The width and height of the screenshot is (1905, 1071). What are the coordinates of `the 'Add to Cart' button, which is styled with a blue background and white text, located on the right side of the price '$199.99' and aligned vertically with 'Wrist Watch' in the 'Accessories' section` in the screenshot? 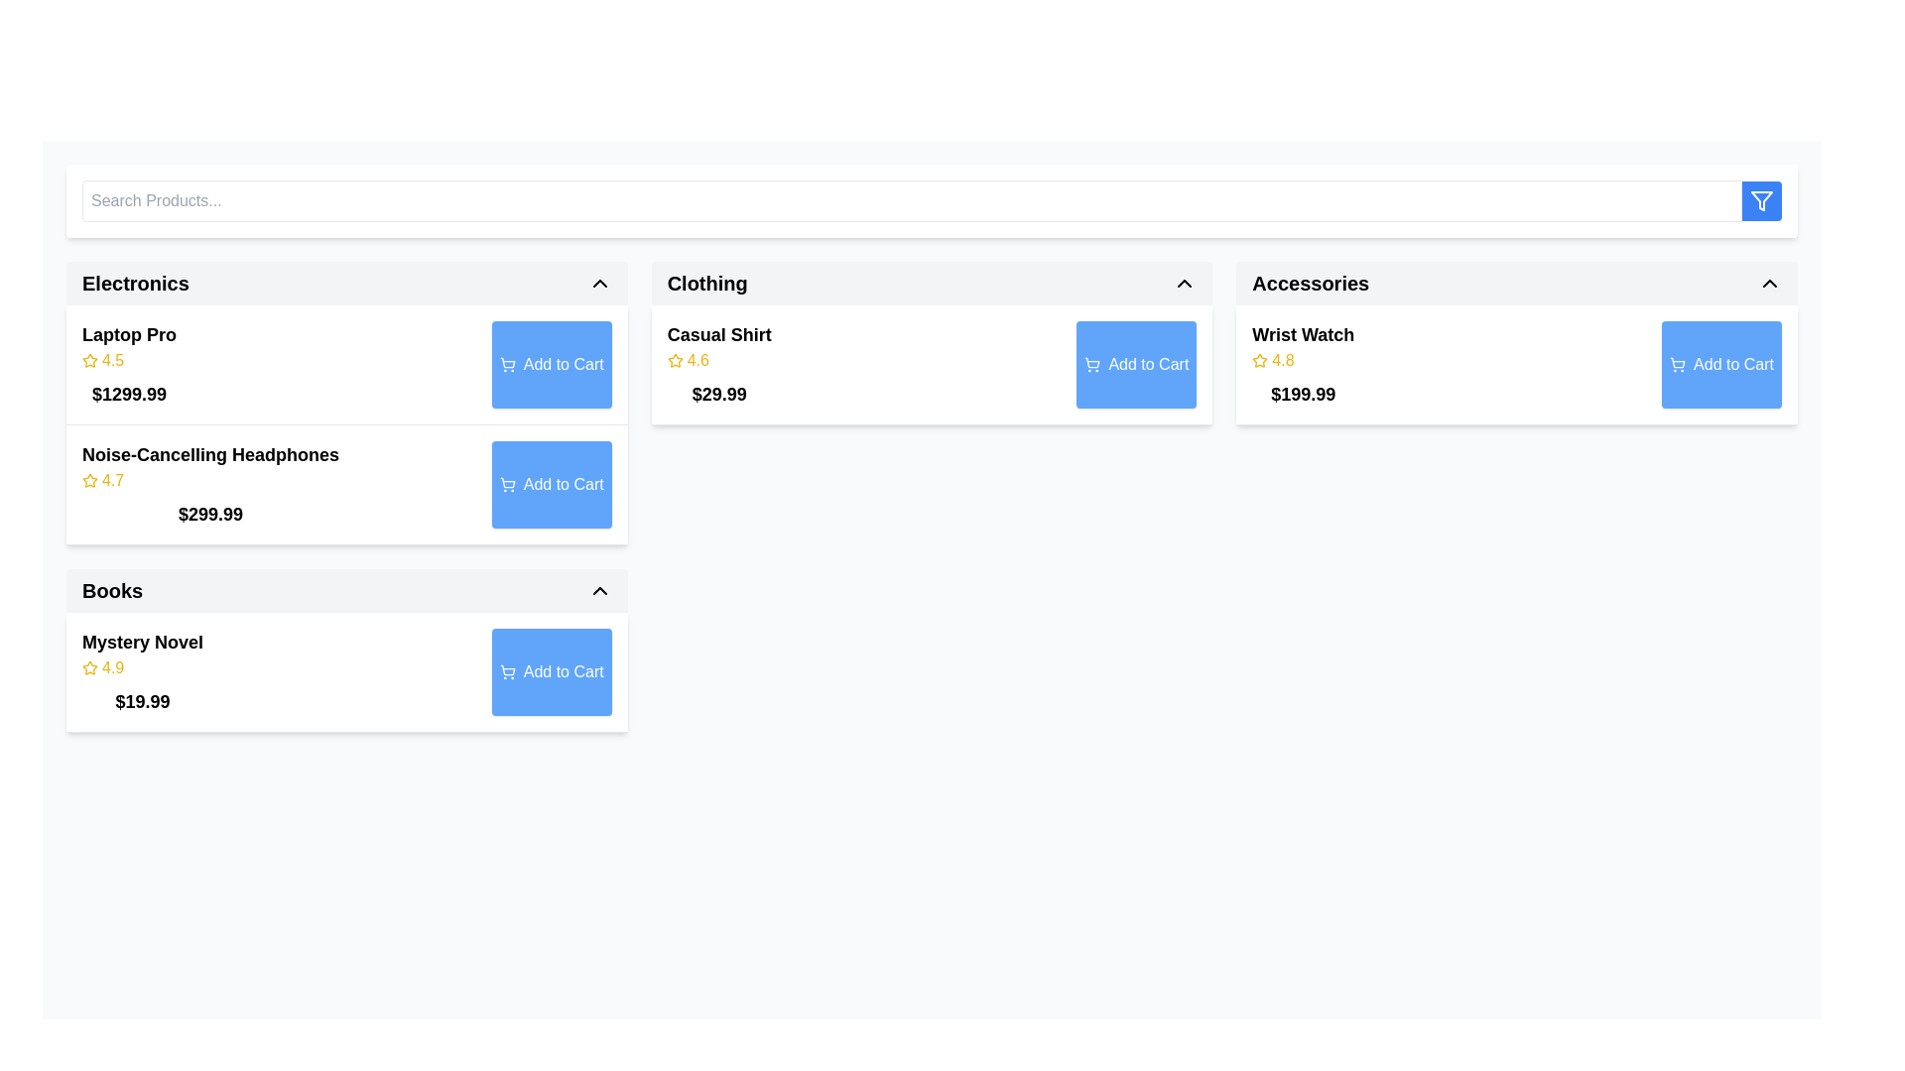 It's located at (1720, 364).